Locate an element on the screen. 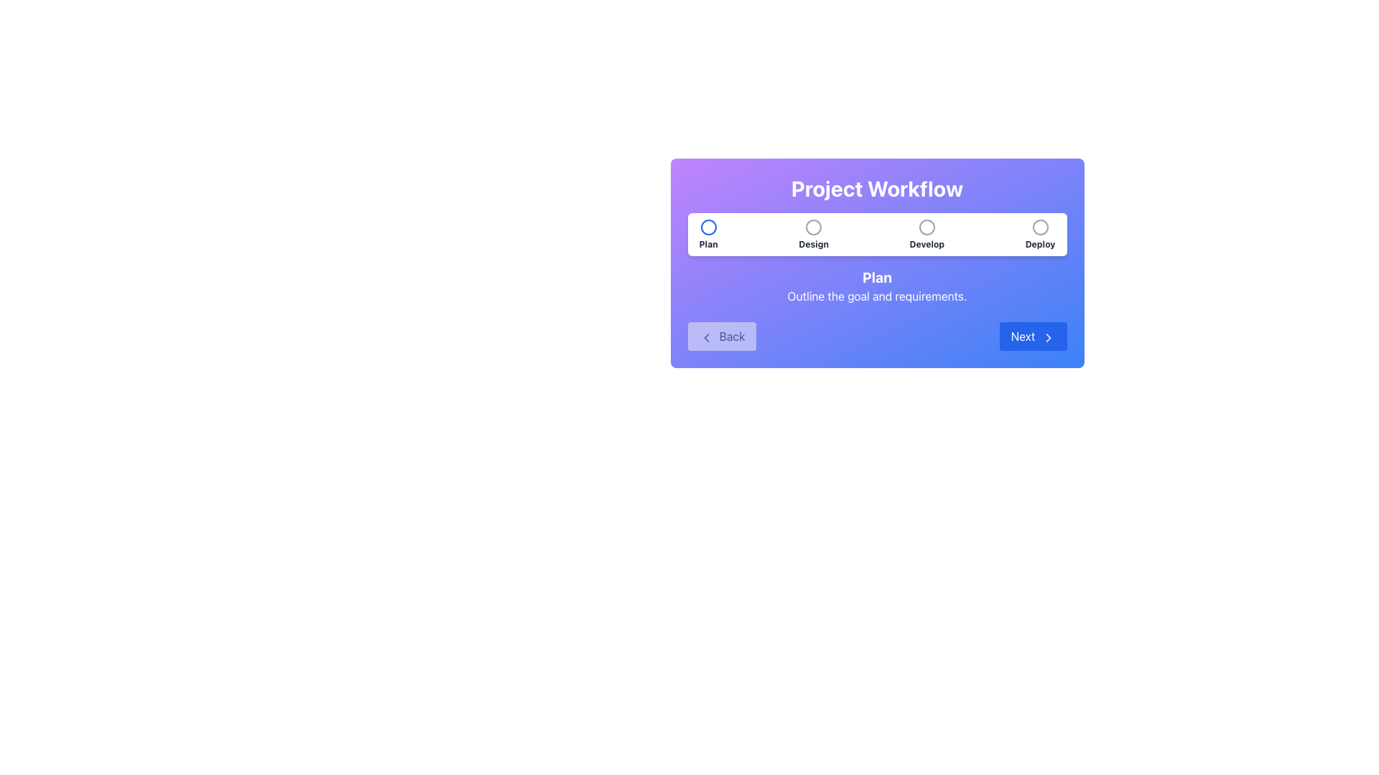 The image size is (1379, 775). the 'Develop' icon with text label, which is the third element in the horizontally-aligned step indicator, located between 'Design' and 'Deploy' is located at coordinates (927, 234).